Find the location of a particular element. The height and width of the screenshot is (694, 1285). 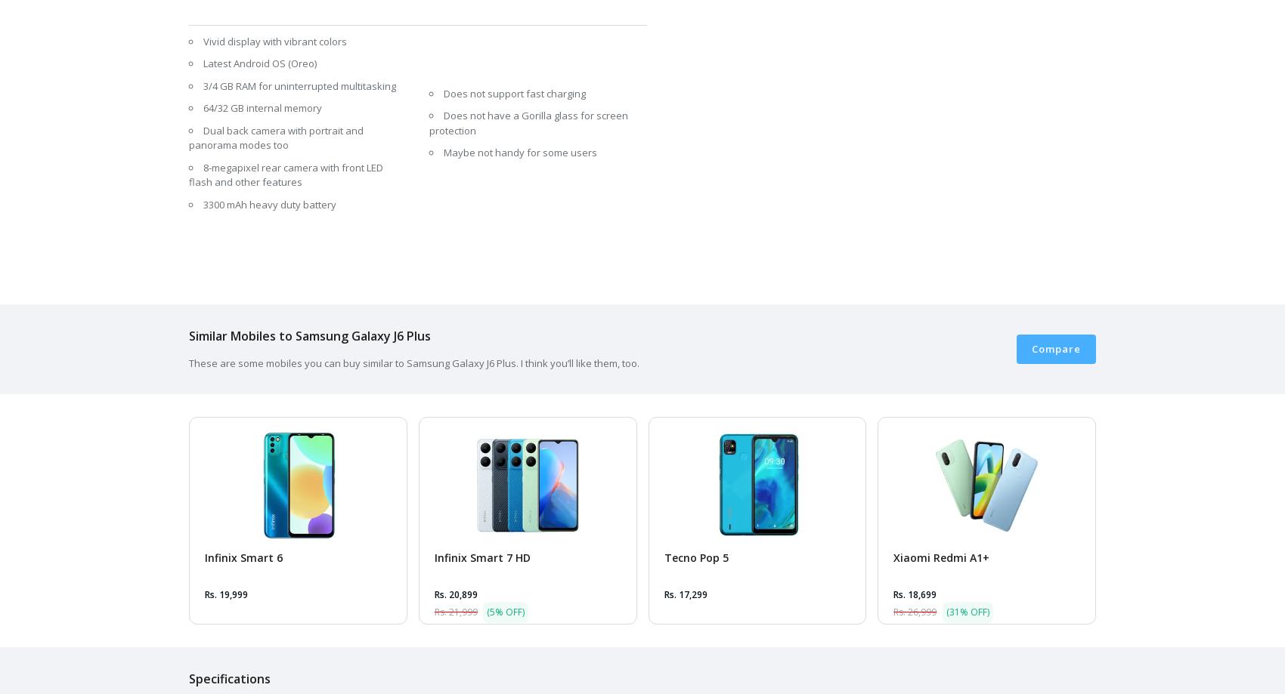

'Vivid display with vibrant colors' is located at coordinates (274, 41).